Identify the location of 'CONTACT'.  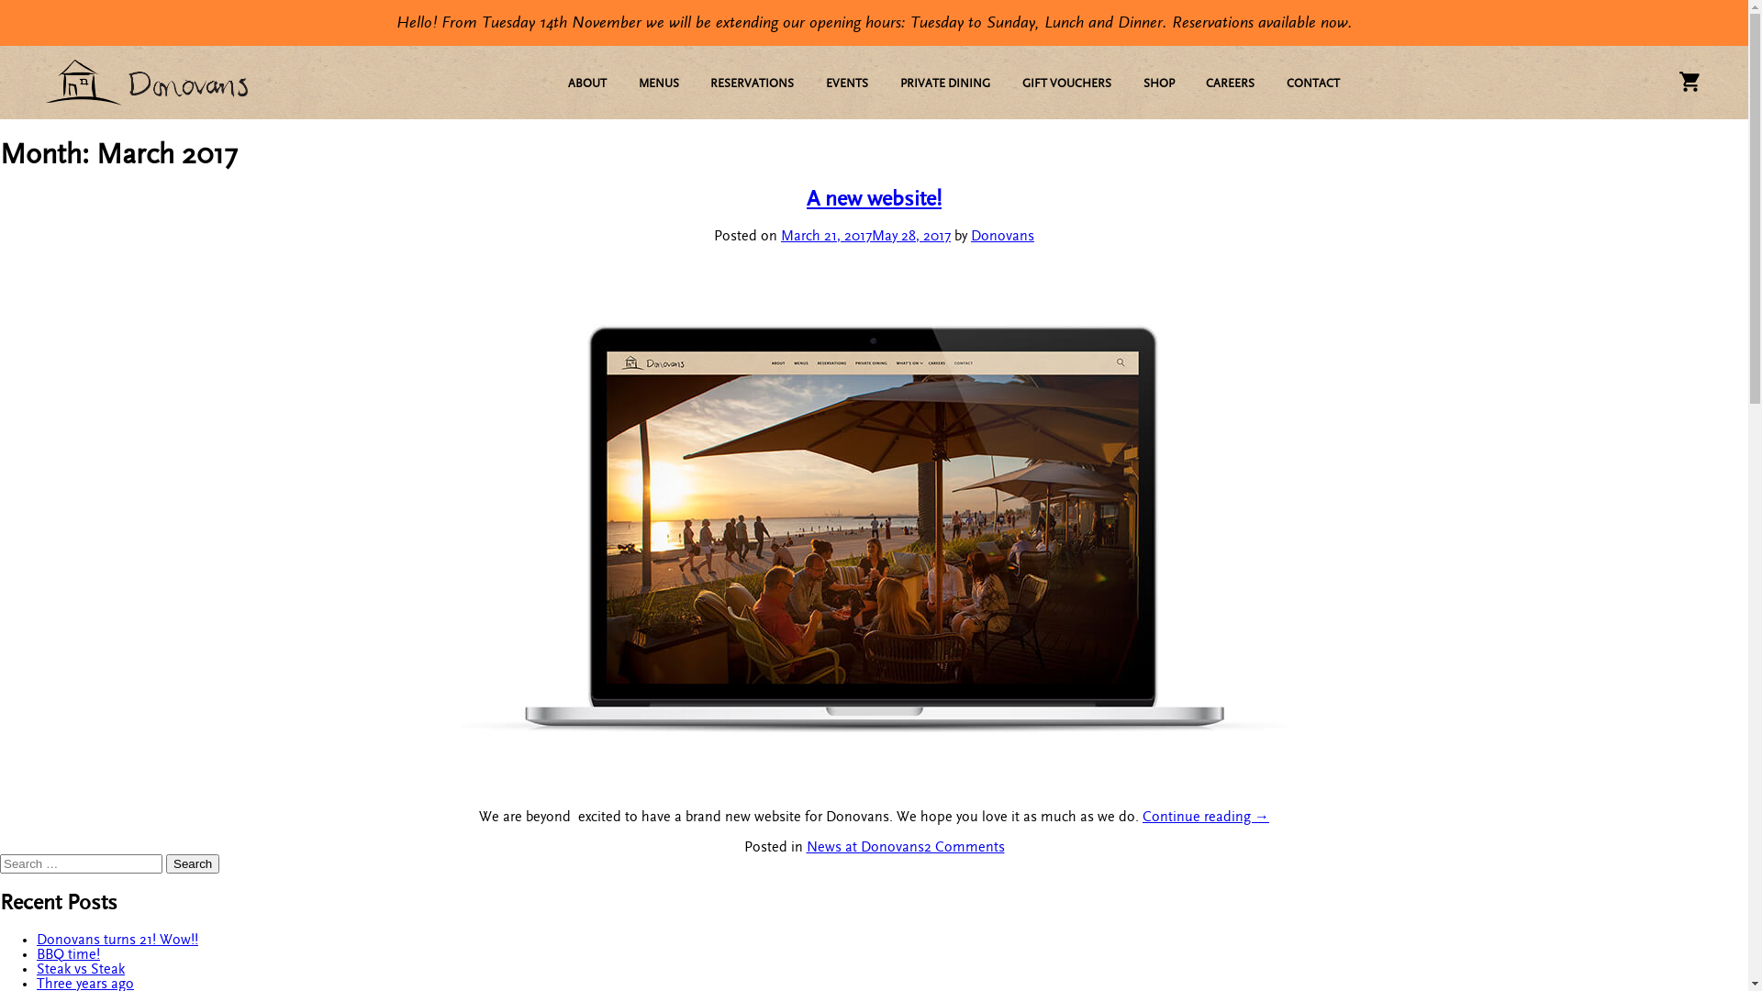
(1311, 84).